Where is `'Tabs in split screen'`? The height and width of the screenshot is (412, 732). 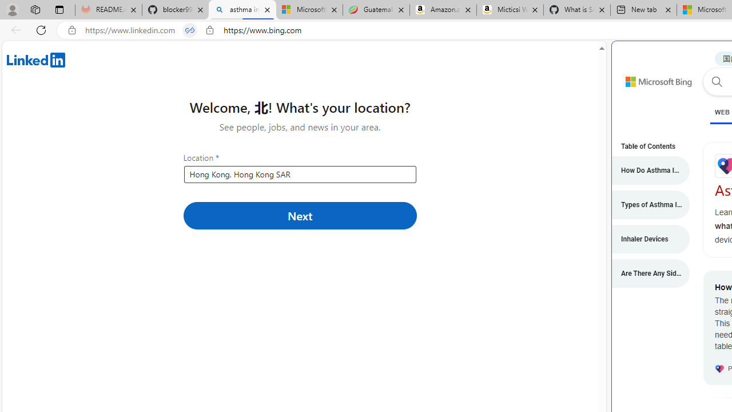 'Tabs in split screen' is located at coordinates (190, 30).